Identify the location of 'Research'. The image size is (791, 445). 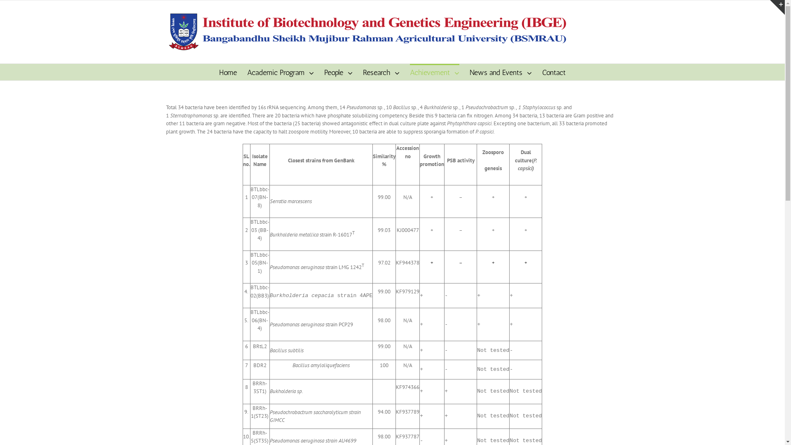
(381, 71).